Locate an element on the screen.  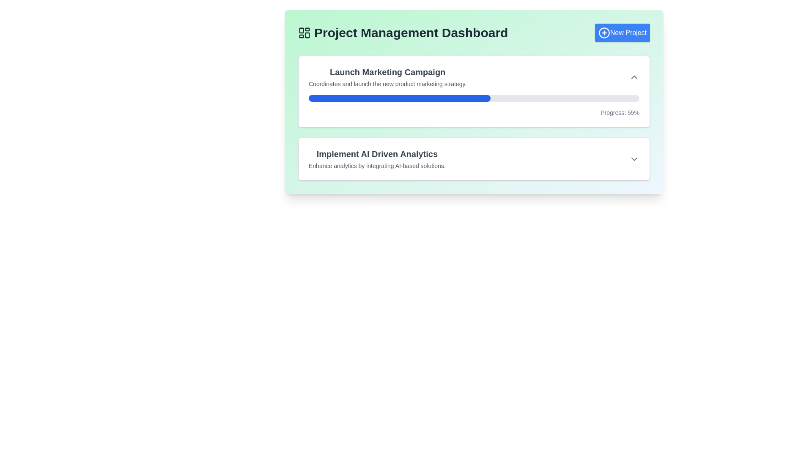
the horizontal progress bar located under the text 'Launch Marketing Campaign' and above 'Progress: 55%' is located at coordinates (474, 98).